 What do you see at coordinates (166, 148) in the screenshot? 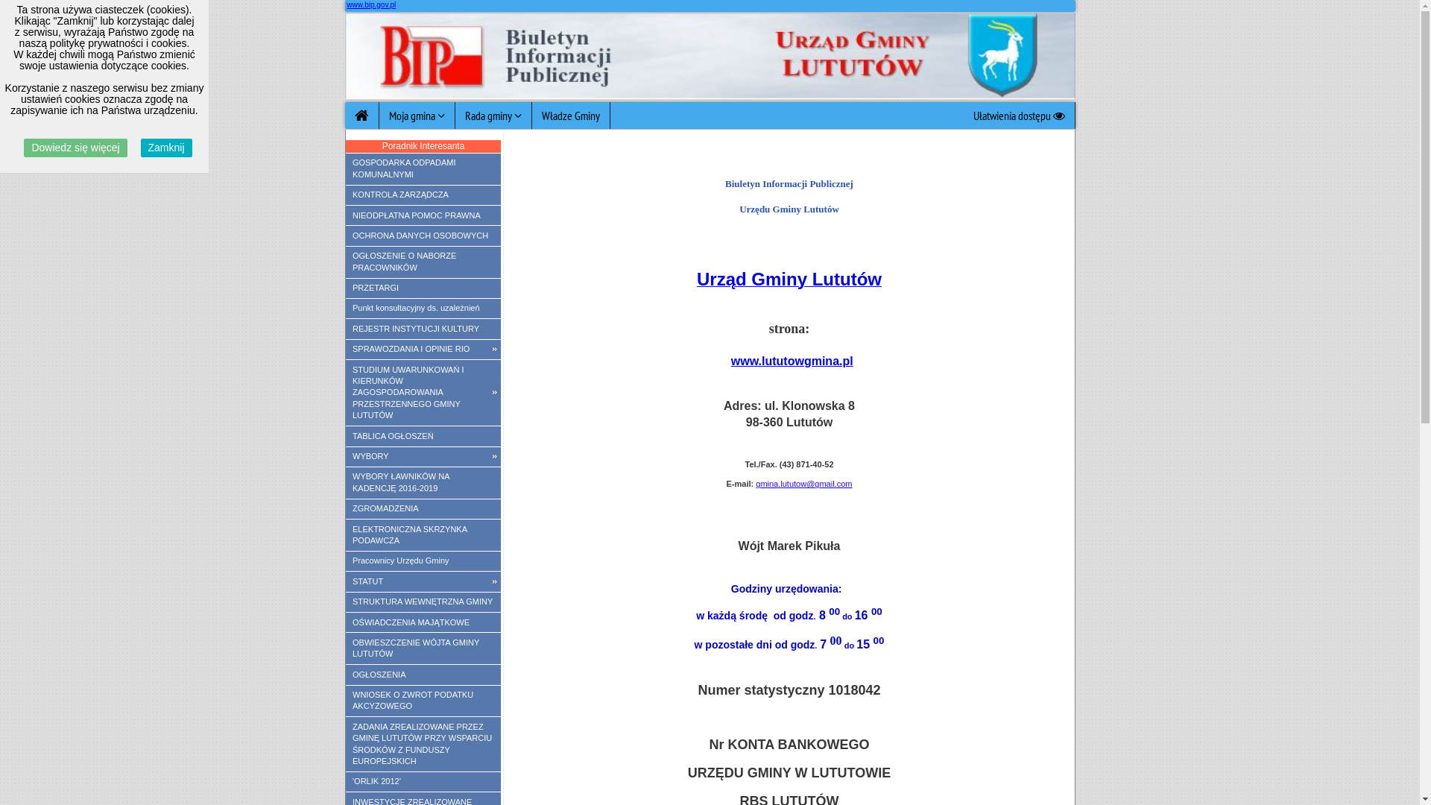
I see `'Zamknij'` at bounding box center [166, 148].